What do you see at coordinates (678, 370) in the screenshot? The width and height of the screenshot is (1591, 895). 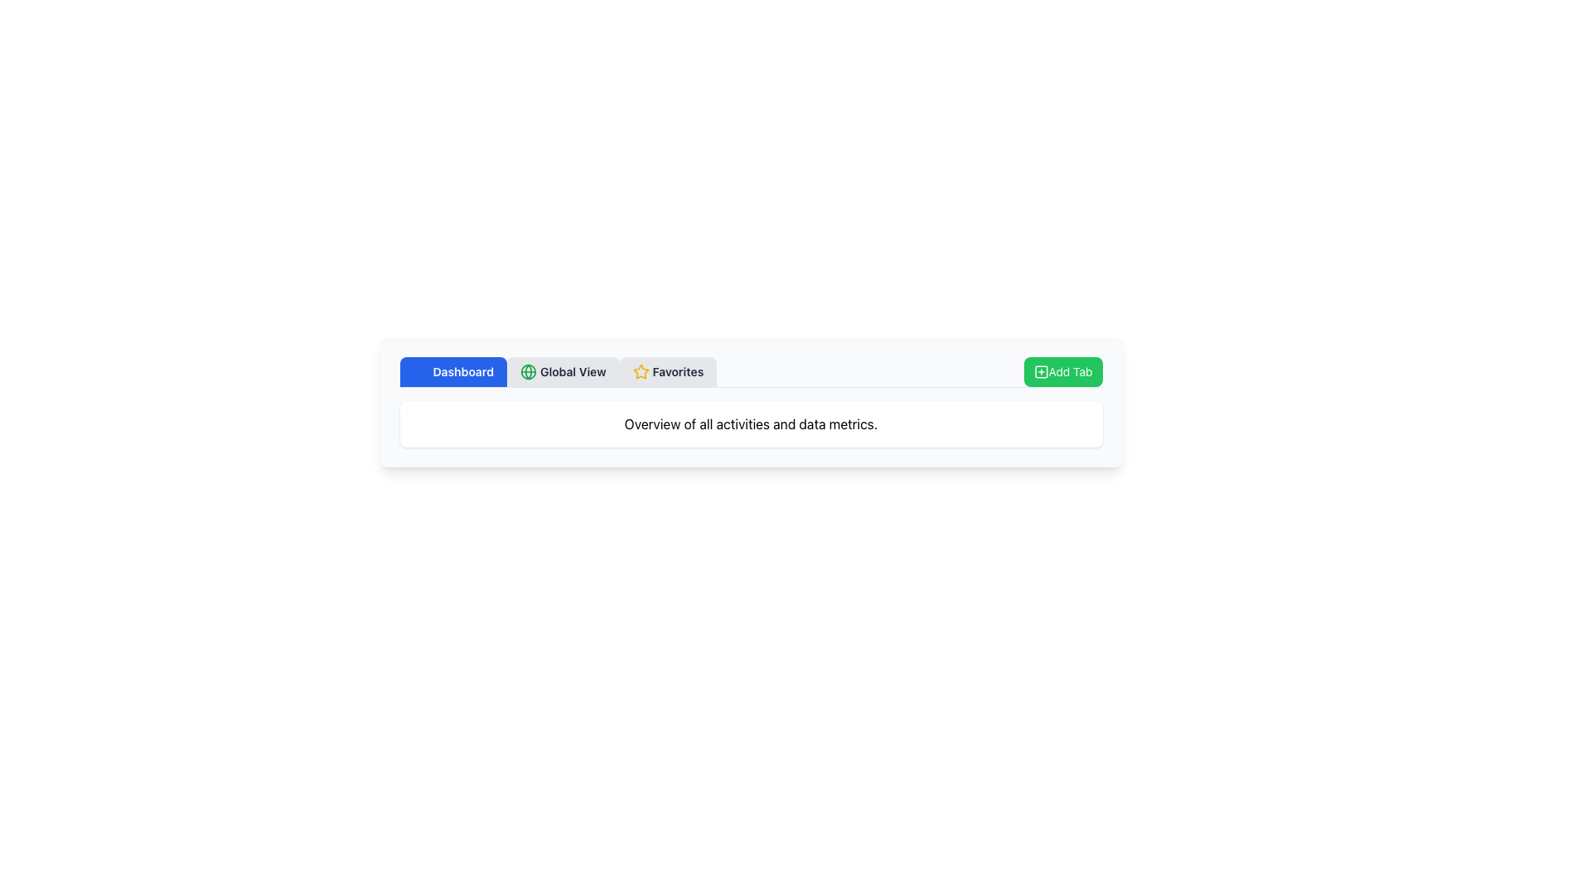 I see `the text label for the third tab` at bounding box center [678, 370].